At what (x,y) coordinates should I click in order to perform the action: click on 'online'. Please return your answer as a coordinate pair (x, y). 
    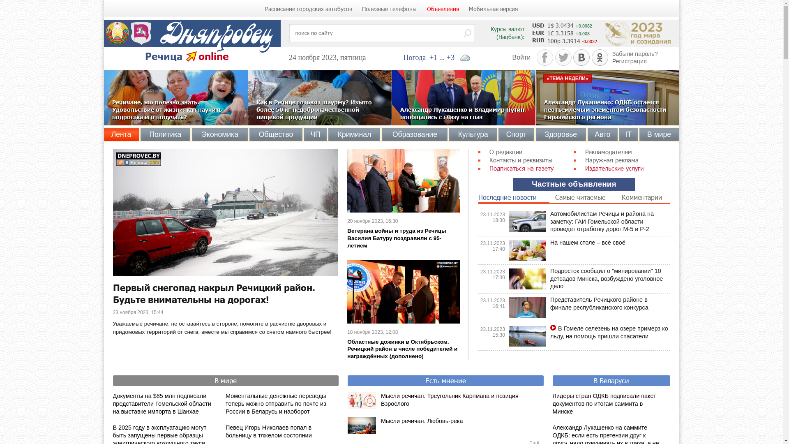
    Looking at the image, I should click on (213, 55).